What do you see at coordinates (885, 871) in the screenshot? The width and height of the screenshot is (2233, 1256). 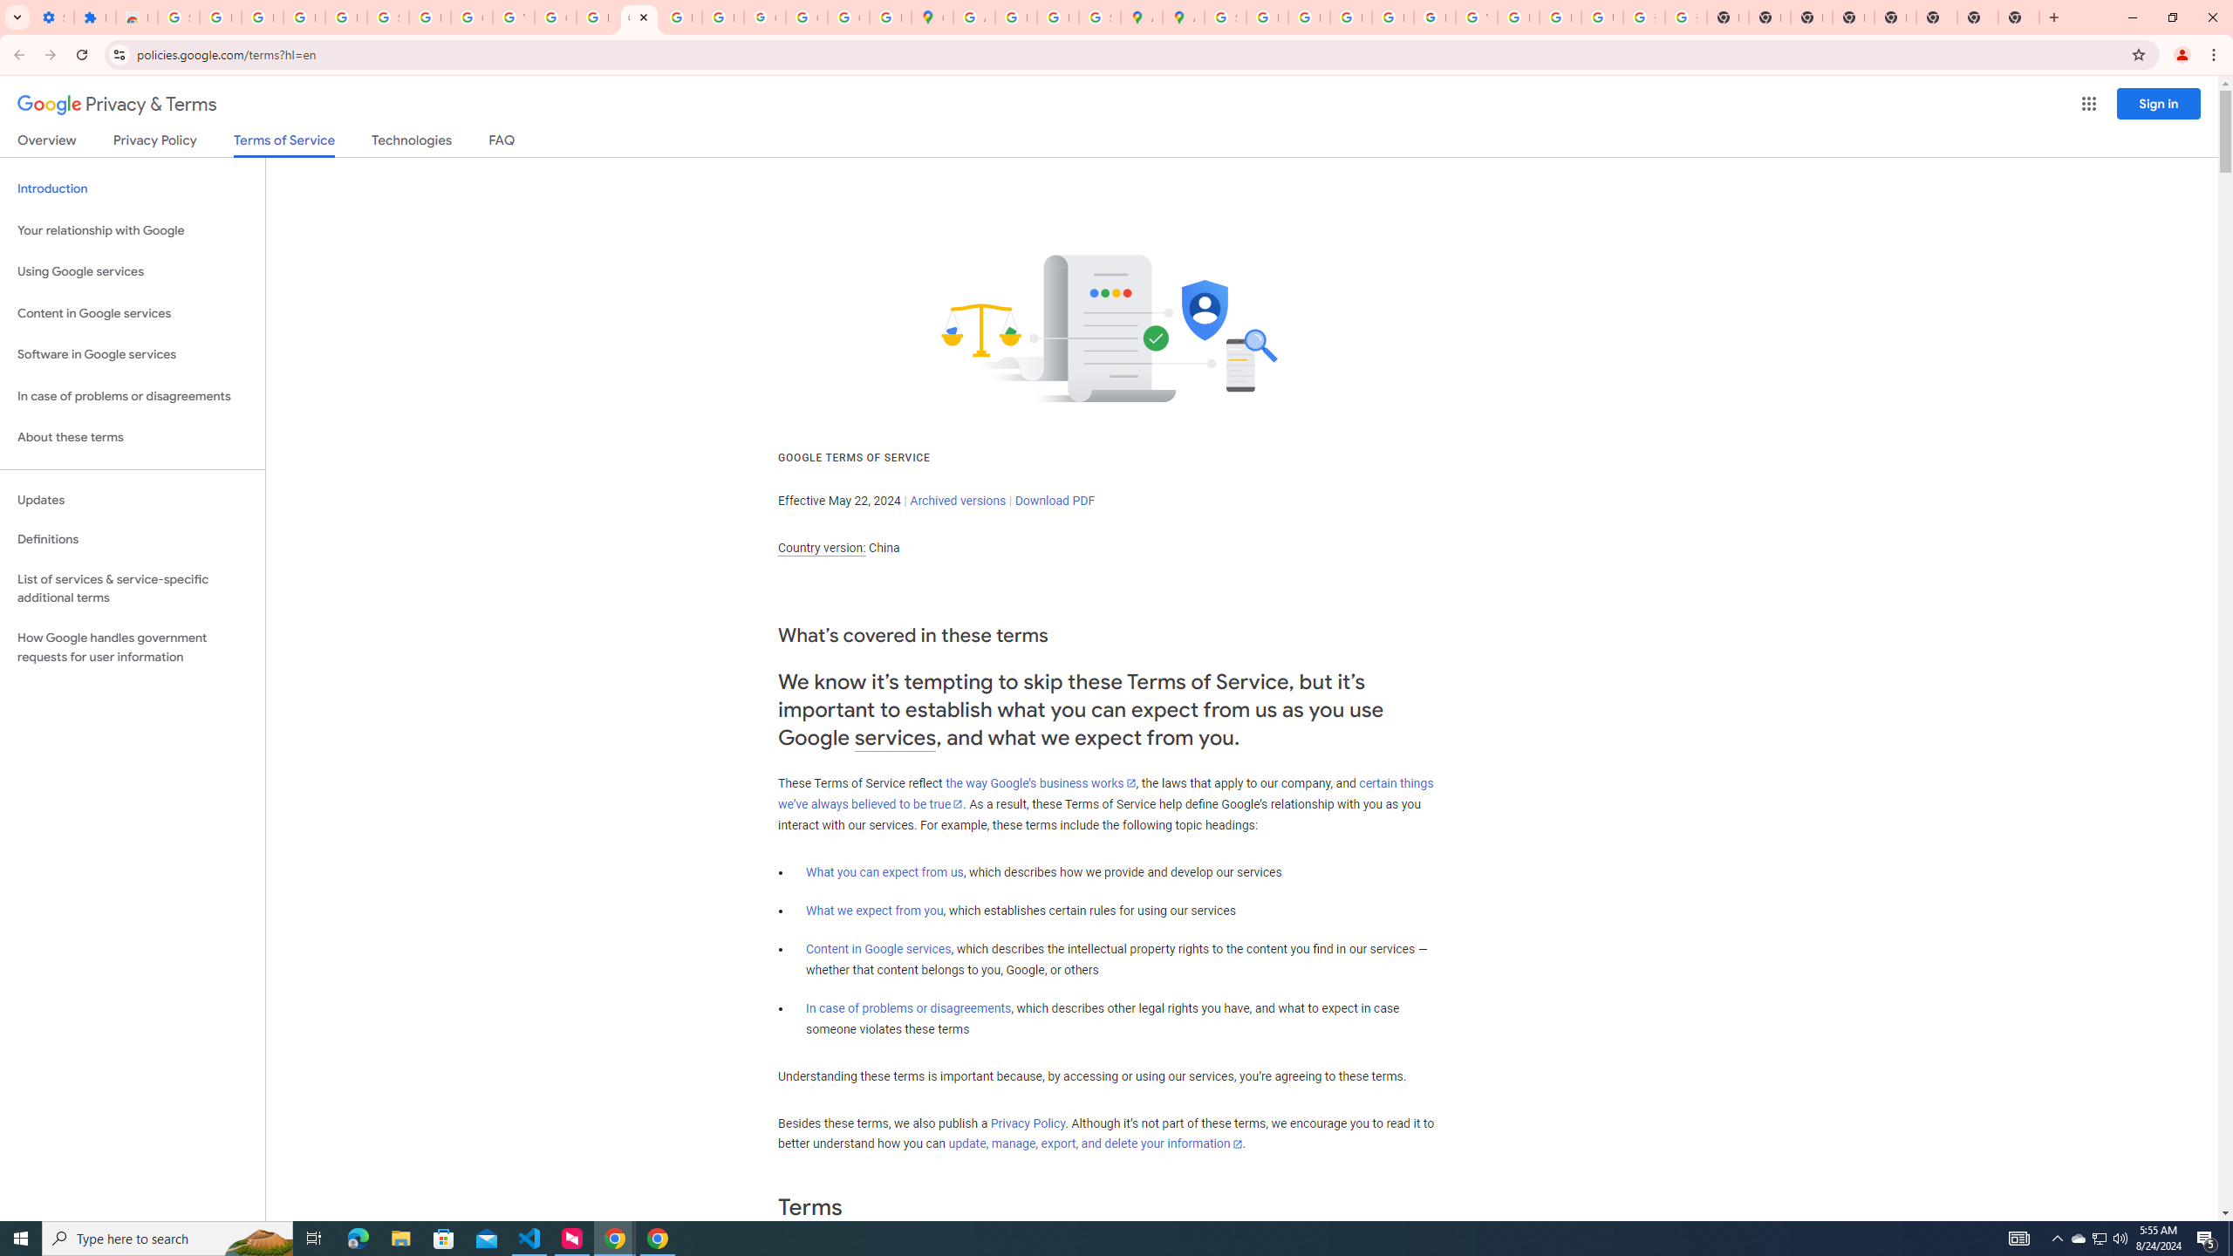 I see `'What you can expect from us'` at bounding box center [885, 871].